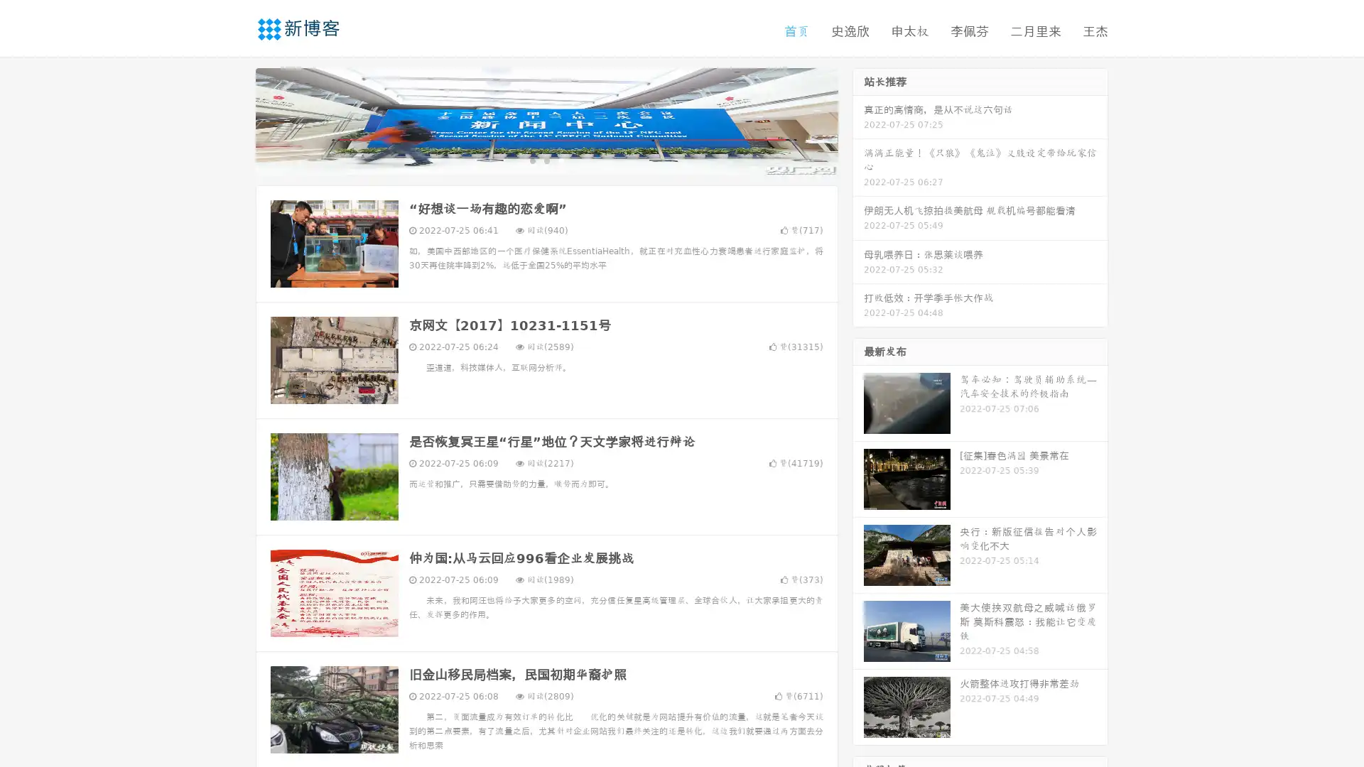  What do you see at coordinates (546, 160) in the screenshot?
I see `Go to slide 2` at bounding box center [546, 160].